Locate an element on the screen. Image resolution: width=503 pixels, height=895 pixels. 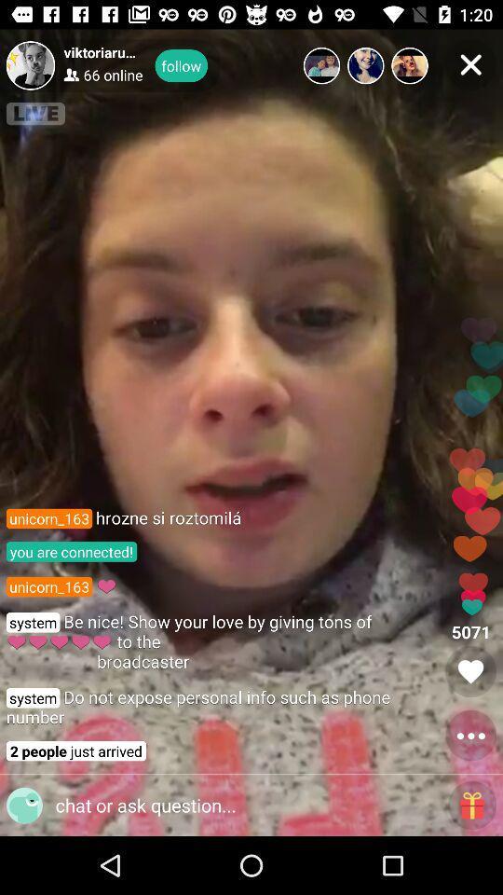
the gift icon is located at coordinates (472, 805).